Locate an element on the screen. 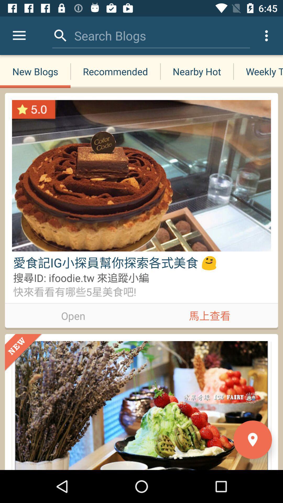  app on the right is located at coordinates (209, 314).